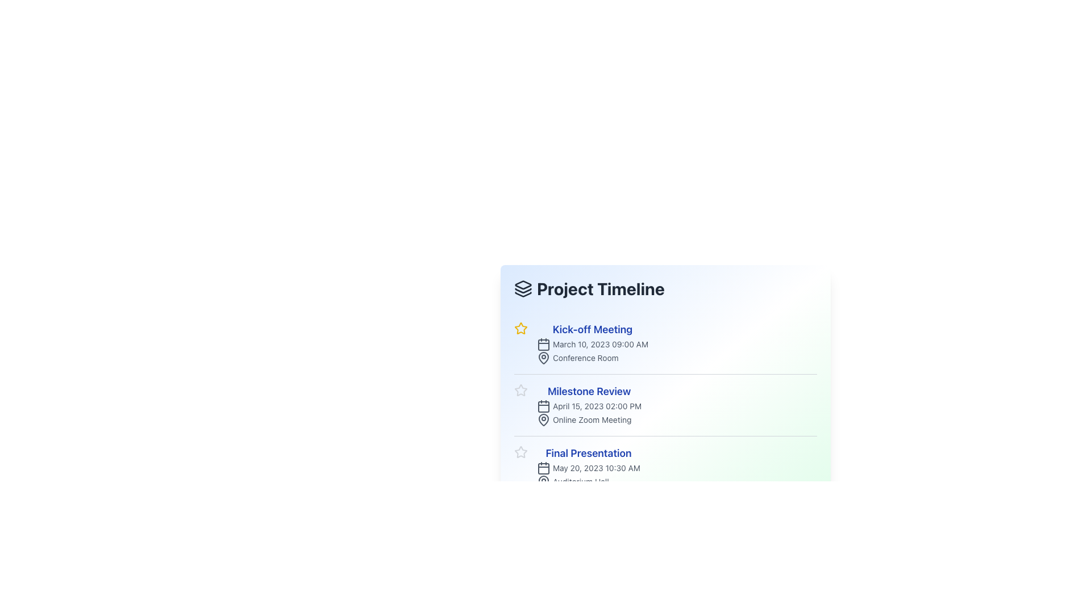 The height and width of the screenshot is (613, 1091). Describe the element at coordinates (520, 389) in the screenshot. I see `the star-shaped icon` at that location.